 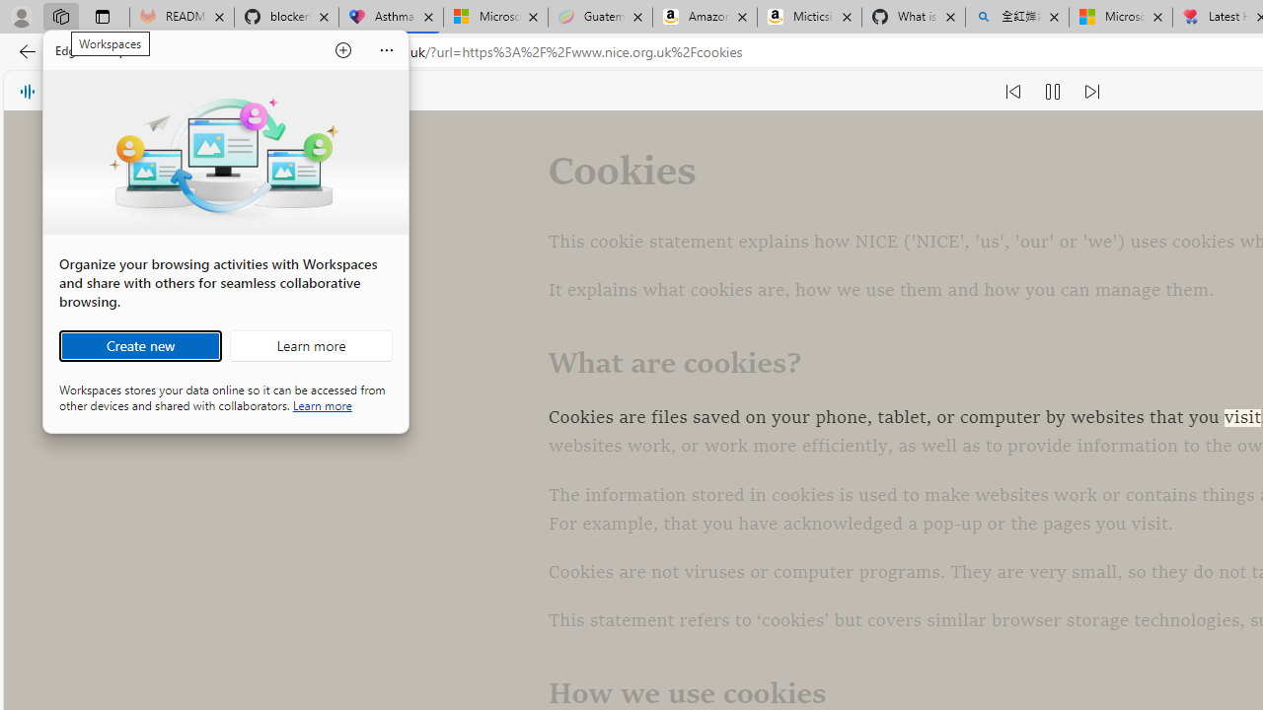 What do you see at coordinates (1051, 91) in the screenshot?
I see `'Pause read aloud (Ctrl+Shift+U)'` at bounding box center [1051, 91].